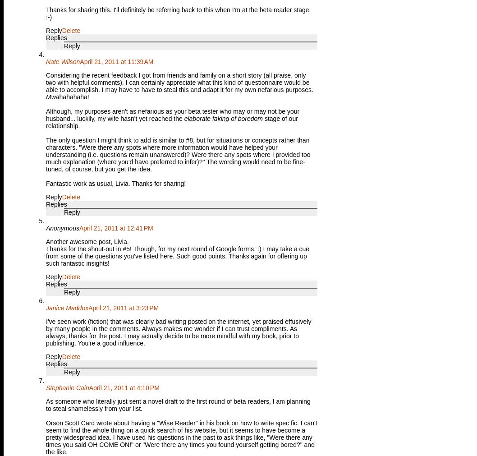 This screenshot has width=477, height=456. Describe the element at coordinates (45, 13) in the screenshot. I see `'Thanks for sharing this. I'll definitely be referring back to this when I'm at the beta reader stage. :-)'` at that location.